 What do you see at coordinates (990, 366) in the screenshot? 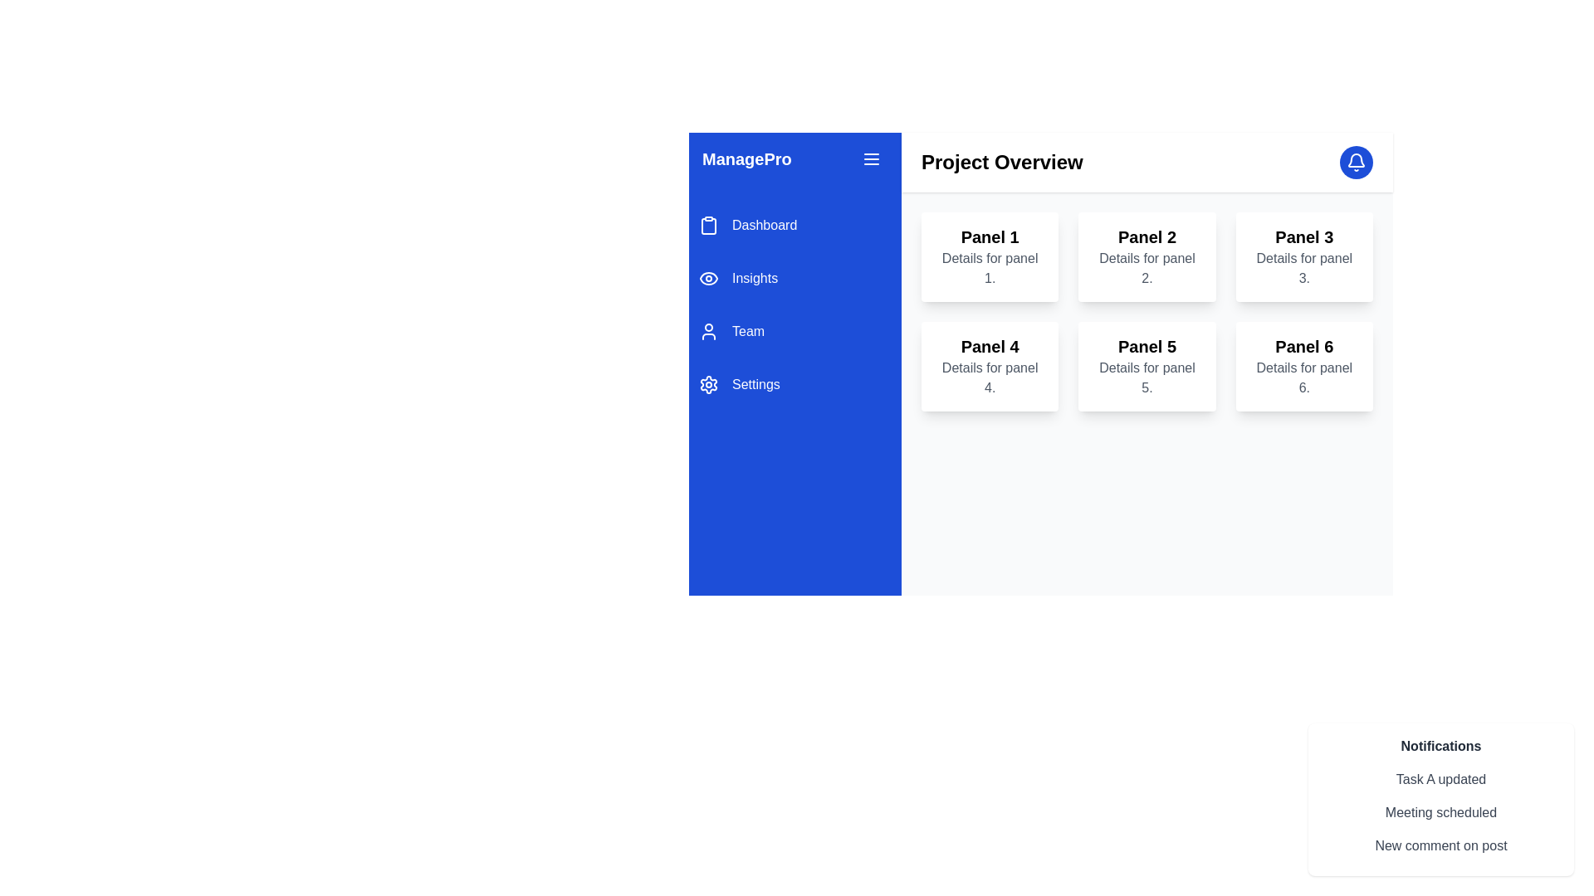
I see `on the 'Panel 4' text card element, which is the fourth card in a grid layout, styled in white with rounded corners and containing the text 'Panel 4' and 'Details for panel 4.'` at bounding box center [990, 366].